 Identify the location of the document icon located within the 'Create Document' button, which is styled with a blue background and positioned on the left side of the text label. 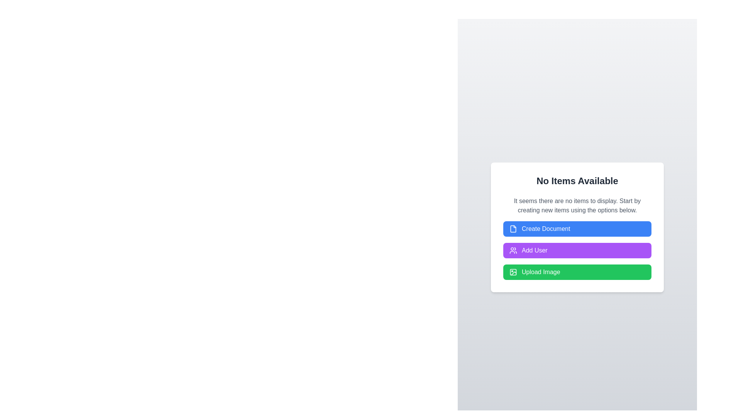
(513, 229).